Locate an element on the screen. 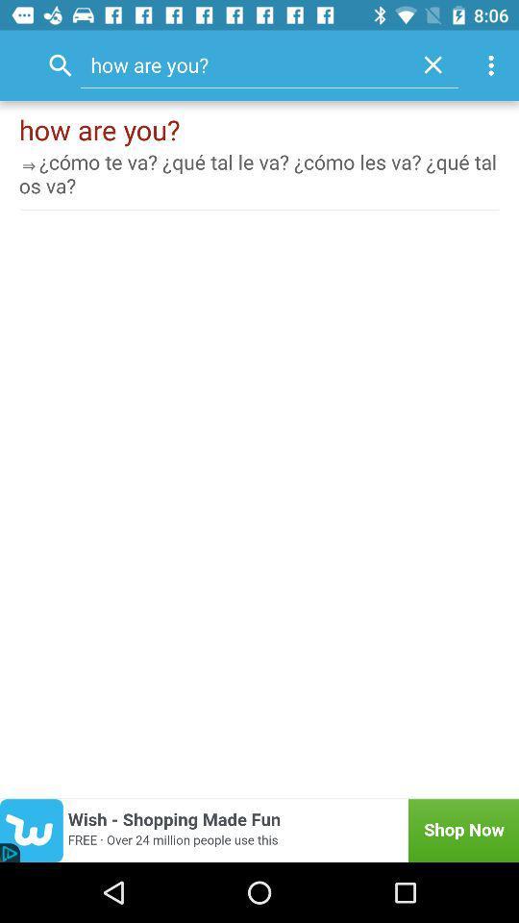 This screenshot has width=519, height=923. open advertisement is located at coordinates (259, 830).